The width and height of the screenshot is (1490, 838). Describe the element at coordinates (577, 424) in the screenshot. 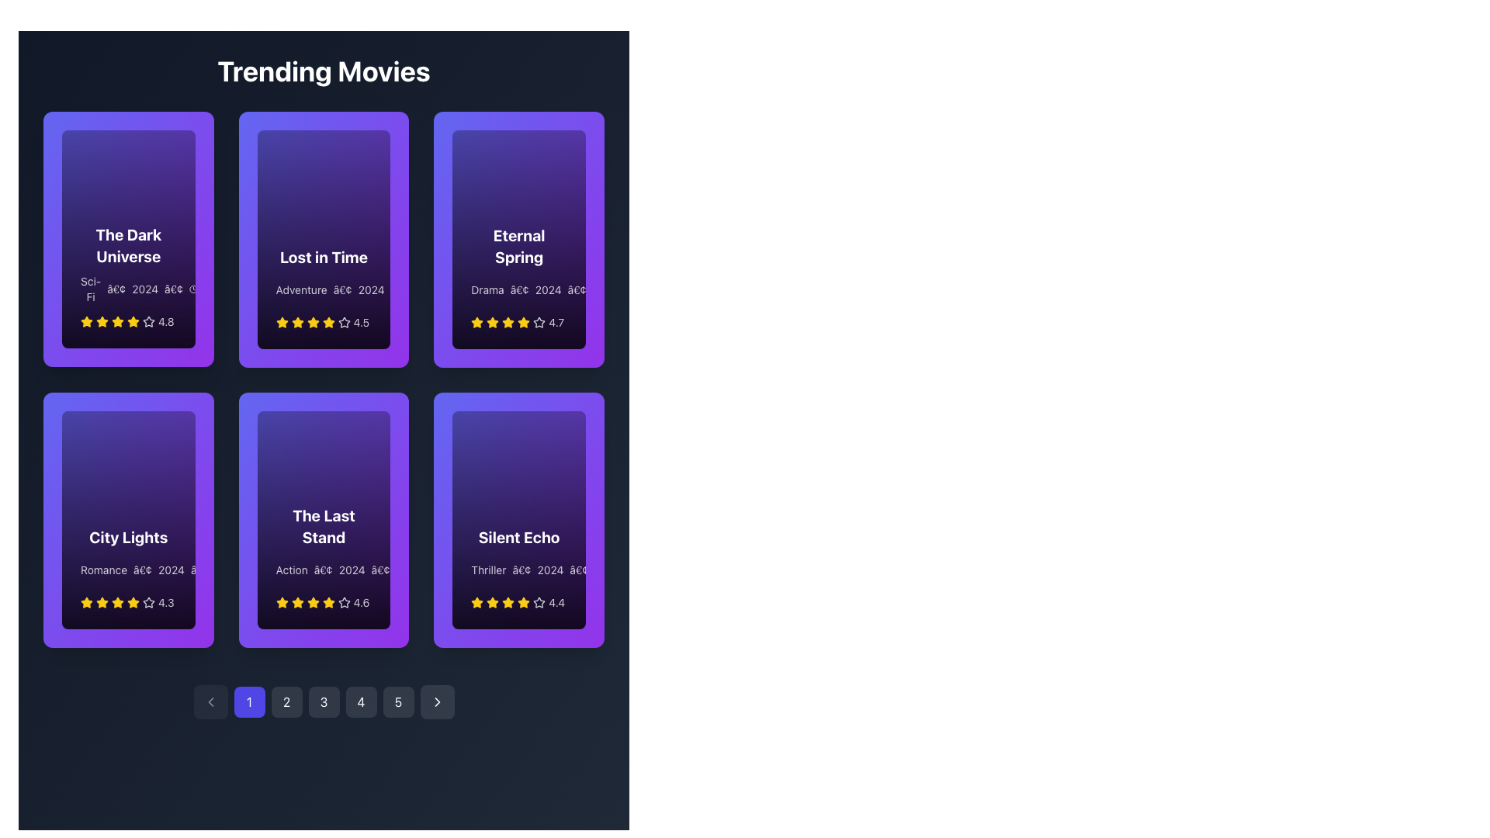

I see `the circular indigo button with a white play icon in the center, located at the top-right corner of the 'Silent Echo' card, to initiate an action` at that location.